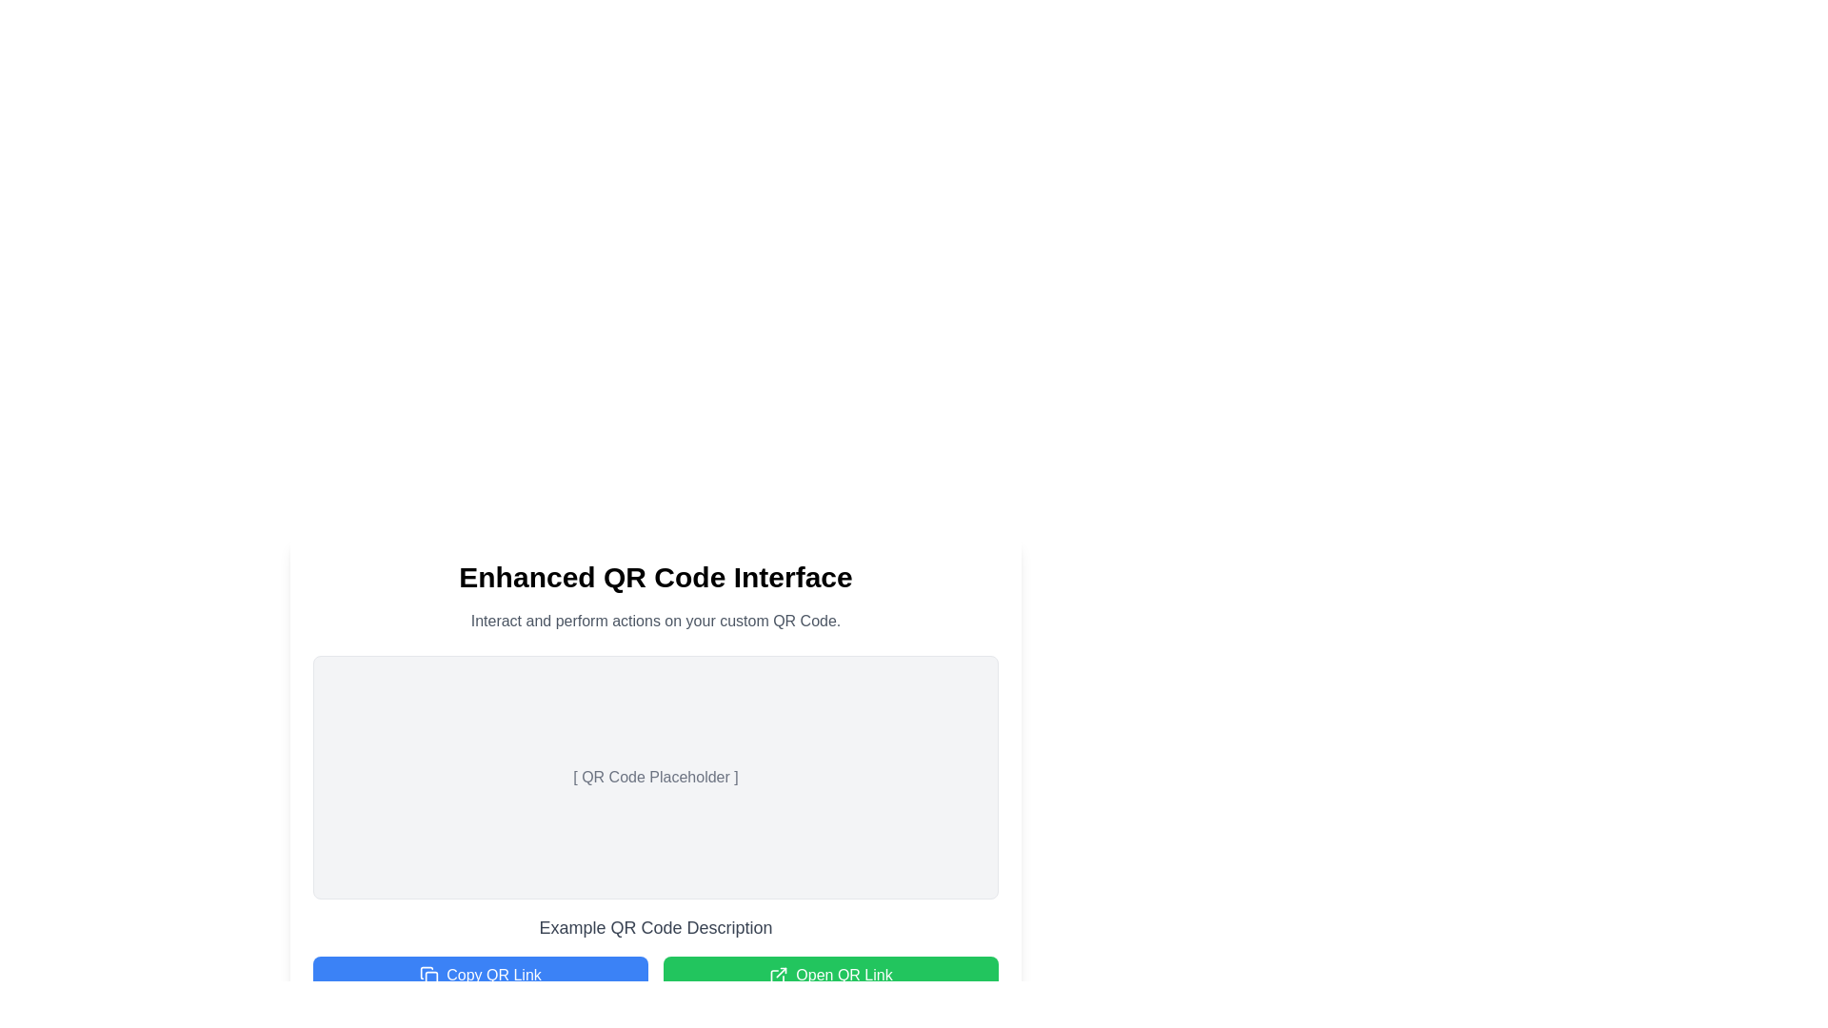 The image size is (1828, 1028). What do you see at coordinates (655, 778) in the screenshot?
I see `the static text placeholder for the QR code, which is located below the title section and above a set of buttons` at bounding box center [655, 778].